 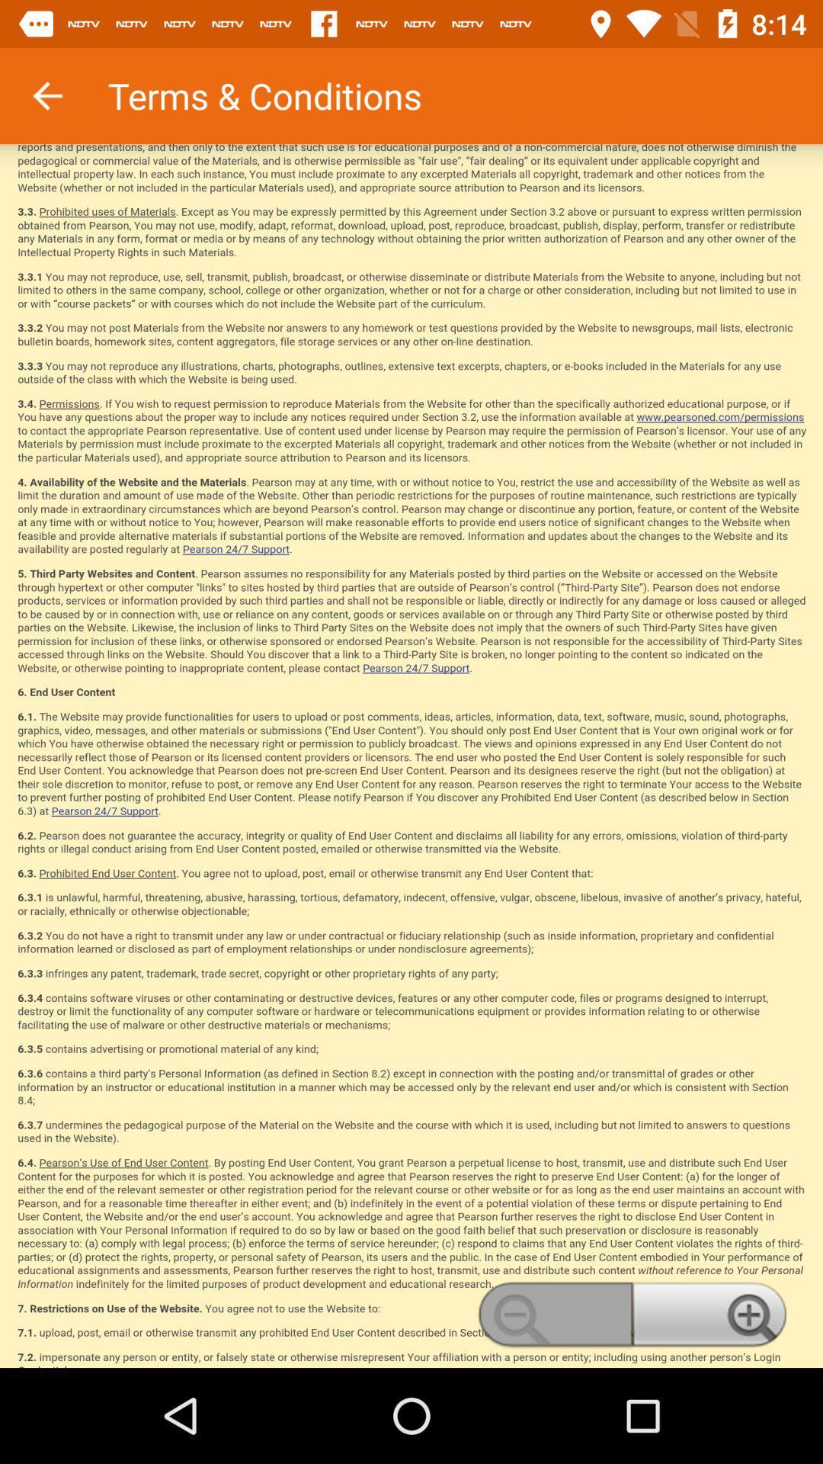 What do you see at coordinates (411, 756) in the screenshot?
I see `click the main page` at bounding box center [411, 756].